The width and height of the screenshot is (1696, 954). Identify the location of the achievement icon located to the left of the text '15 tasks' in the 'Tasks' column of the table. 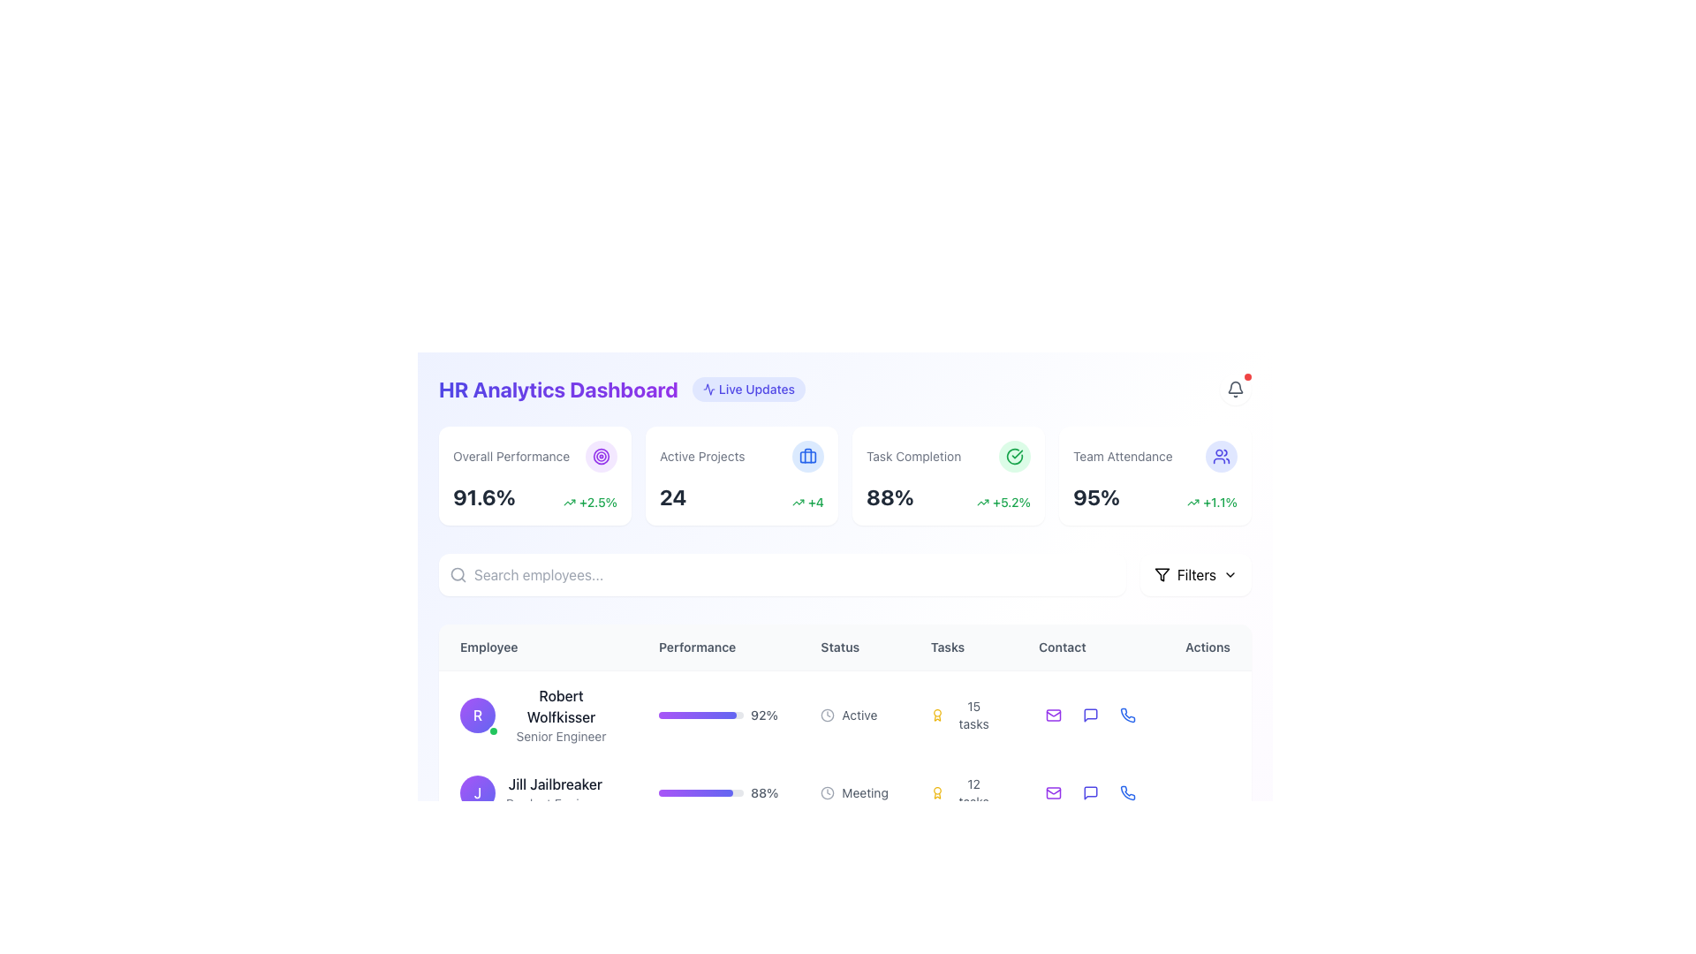
(936, 715).